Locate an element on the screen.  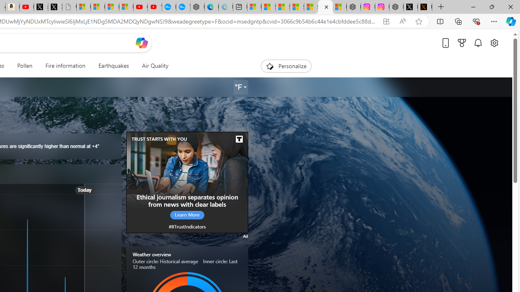
'Shanghai, China hourly forecast | Microsoft Weather' is located at coordinates (282, 7).